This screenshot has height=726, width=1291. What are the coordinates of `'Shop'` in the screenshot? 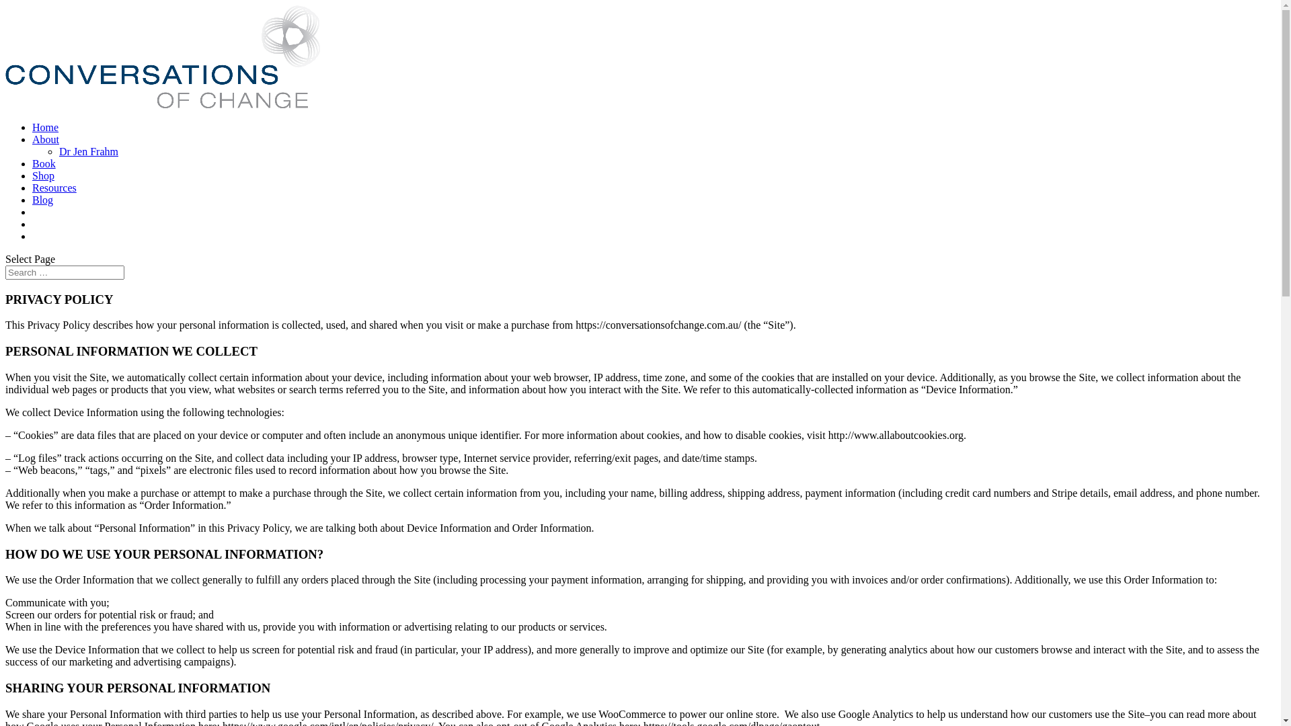 It's located at (43, 175).